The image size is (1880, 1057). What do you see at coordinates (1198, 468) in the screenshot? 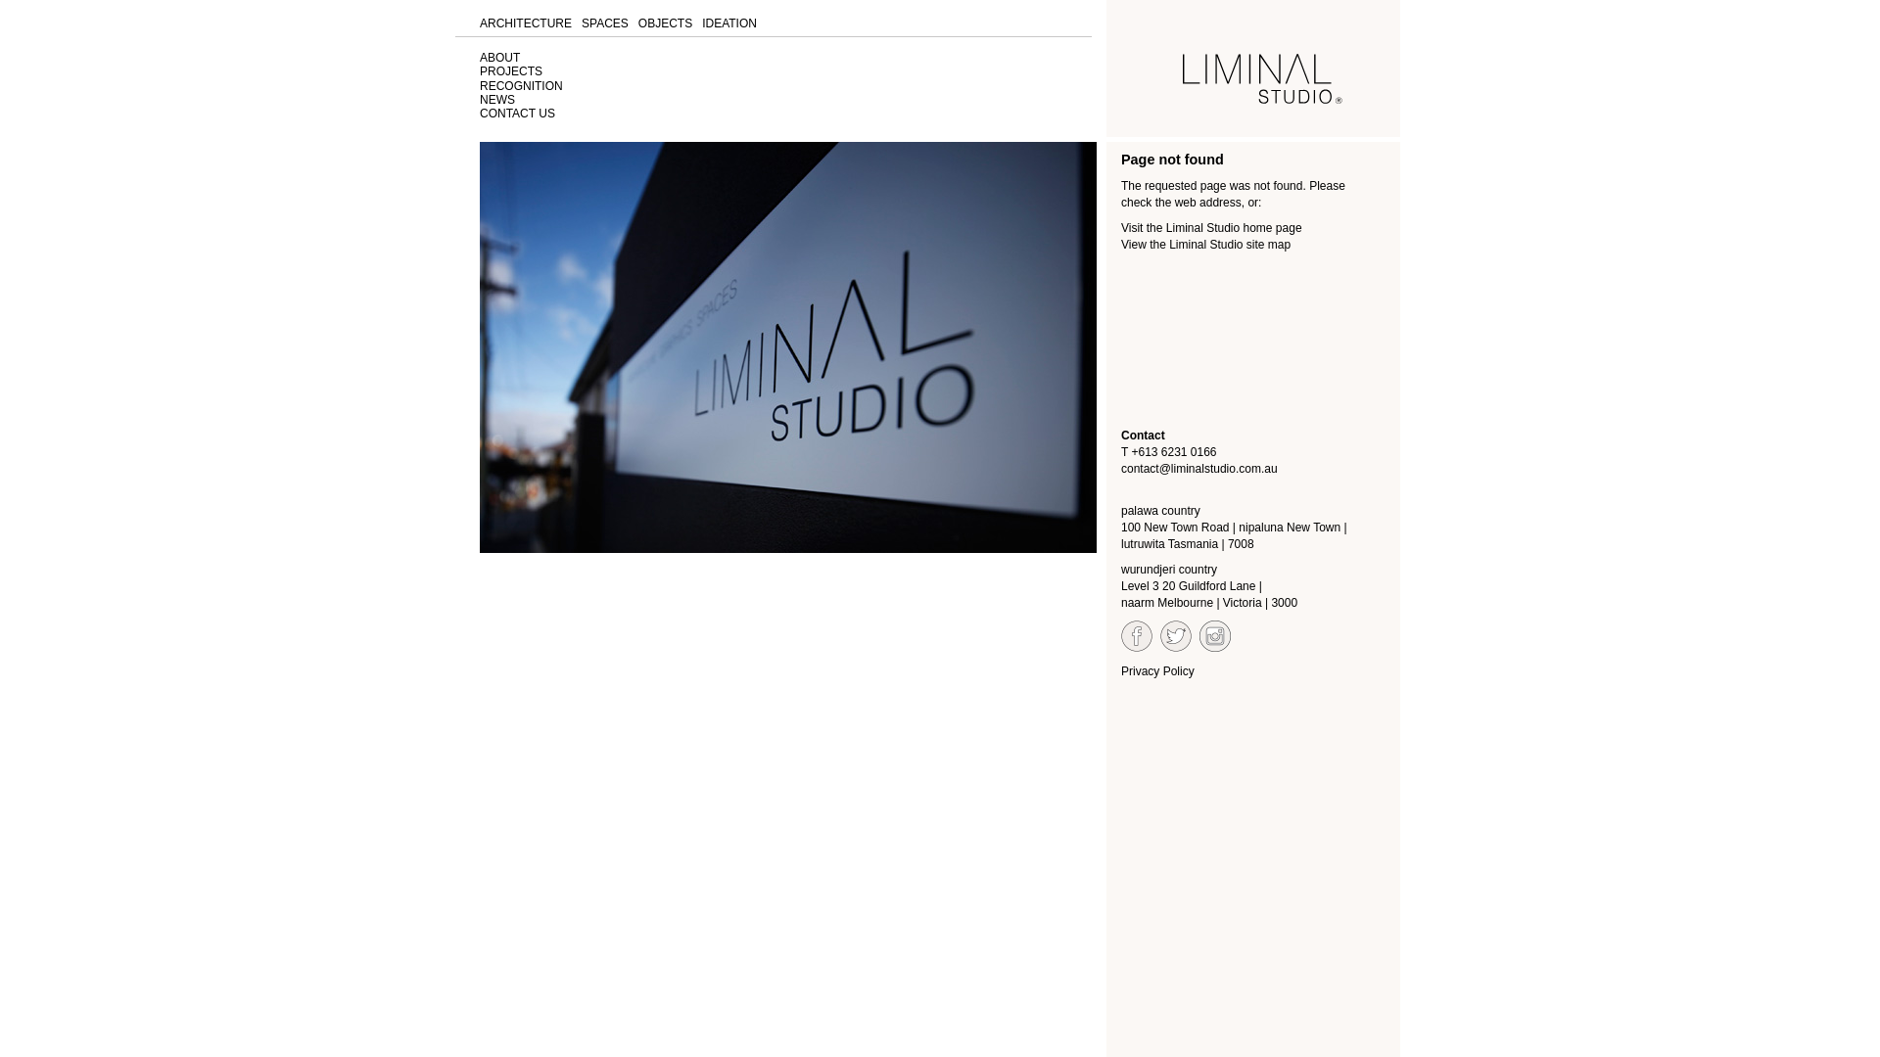
I see `'contact@liminalstudio.com.au'` at bounding box center [1198, 468].